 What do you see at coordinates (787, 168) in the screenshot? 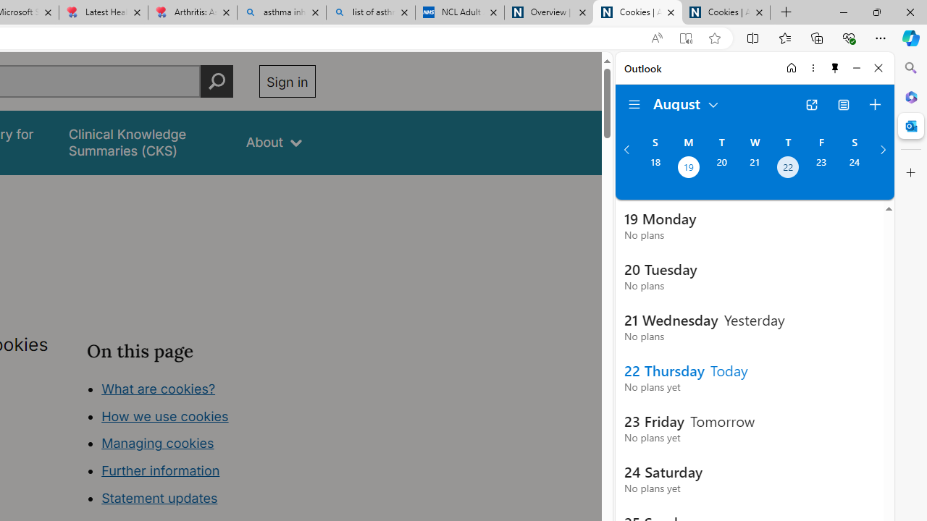
I see `'Thursday, August 22, 2024. Today. '` at bounding box center [787, 168].